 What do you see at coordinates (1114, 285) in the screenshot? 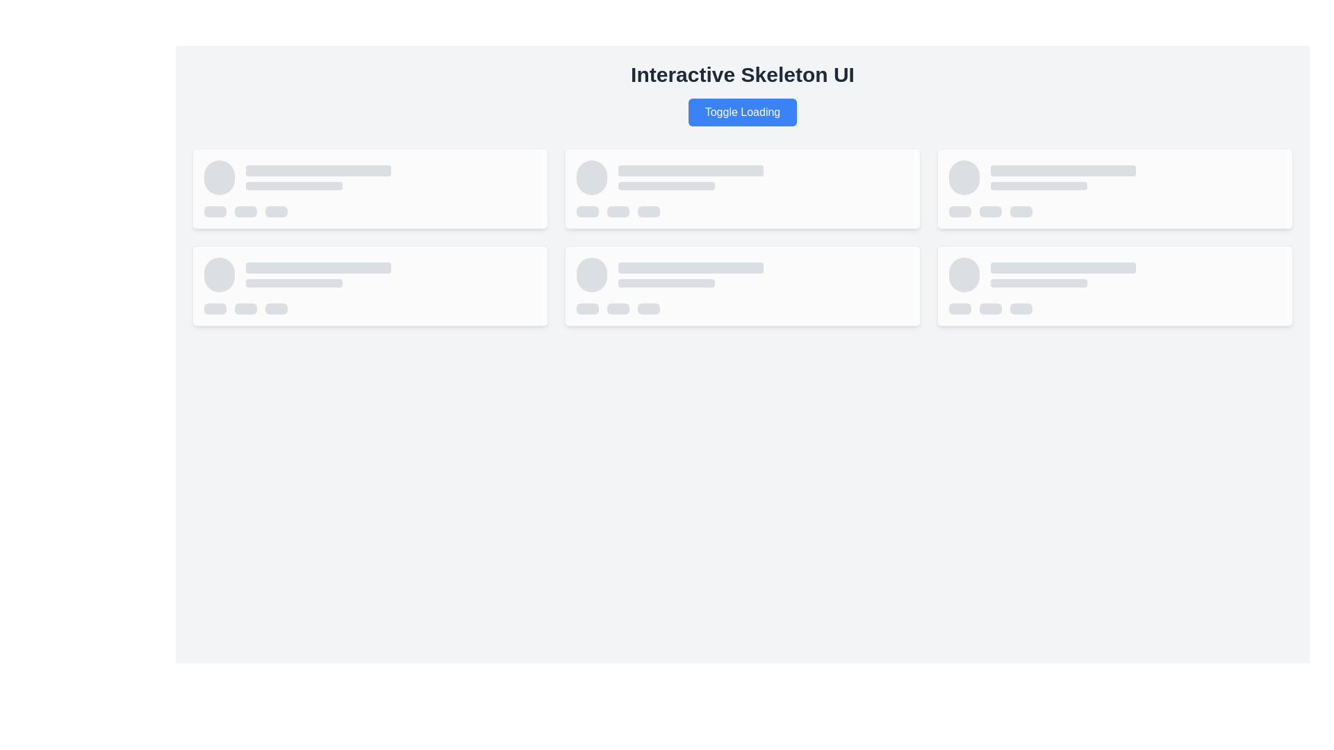
I see `the Placeholder Card located at the bottom-right corner of the grid layout, which is the sixth item in a two-row, three-column arrangement` at bounding box center [1114, 285].